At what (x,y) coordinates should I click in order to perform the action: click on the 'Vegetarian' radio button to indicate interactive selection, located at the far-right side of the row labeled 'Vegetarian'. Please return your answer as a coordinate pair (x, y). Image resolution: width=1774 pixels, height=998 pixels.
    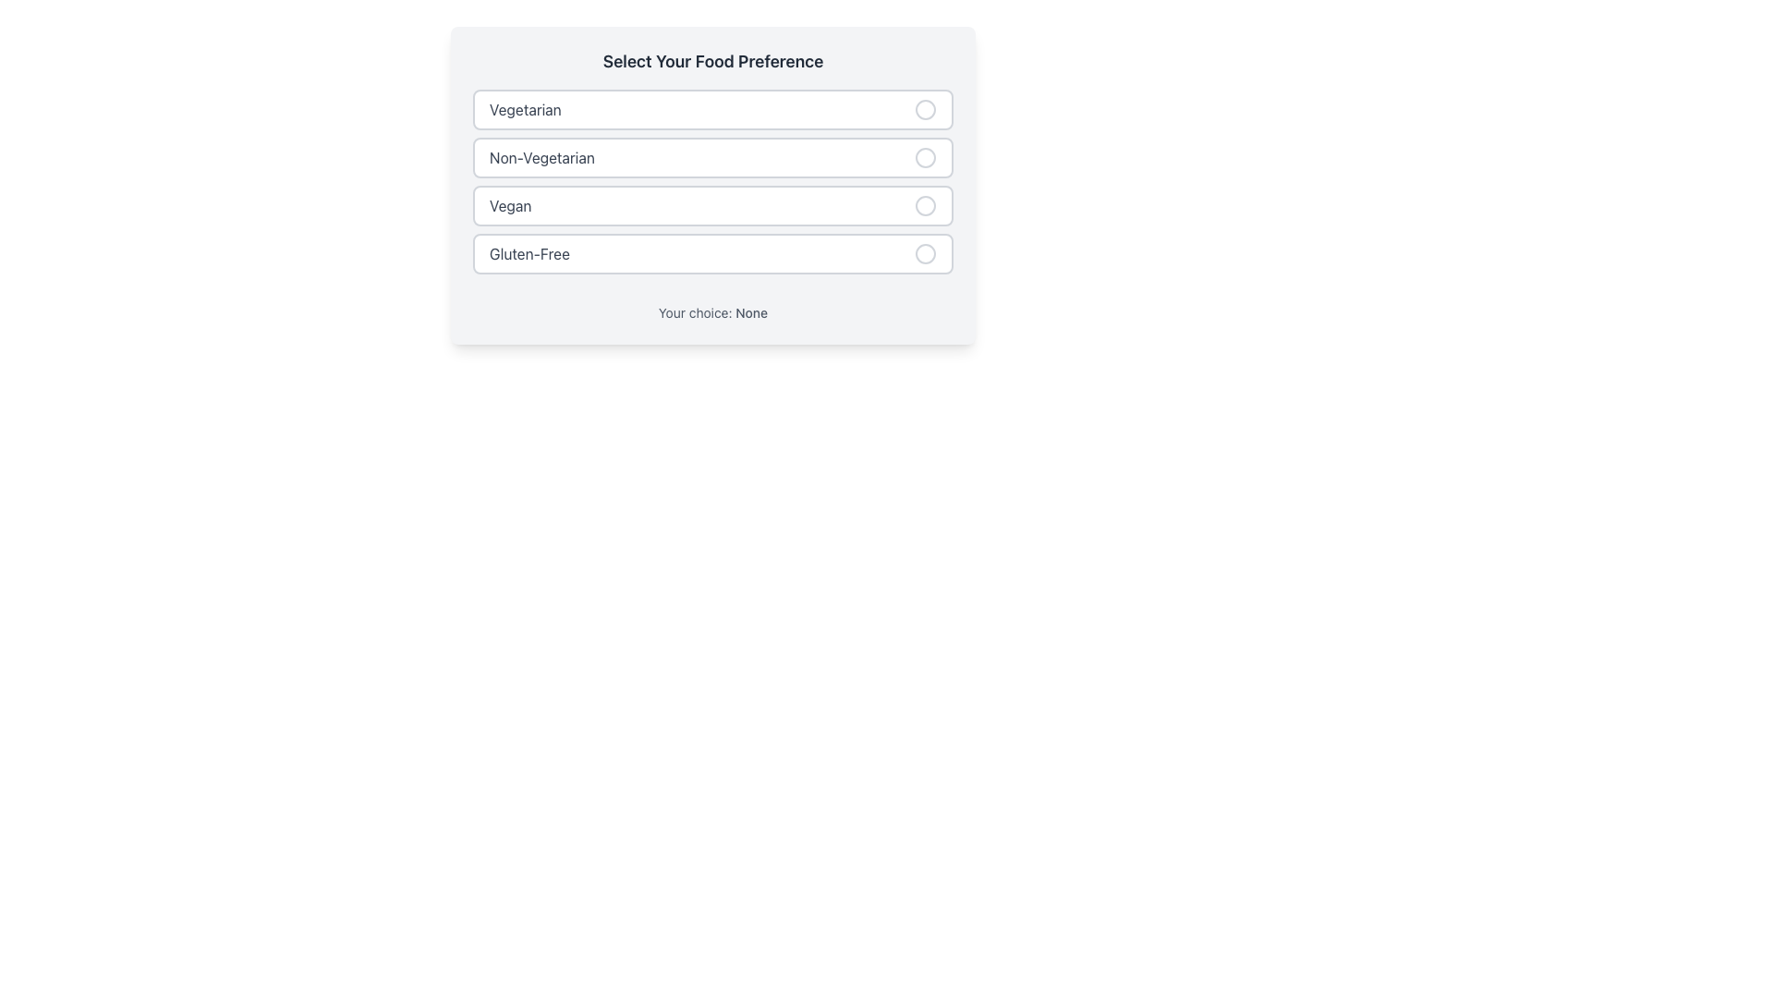
    Looking at the image, I should click on (926, 110).